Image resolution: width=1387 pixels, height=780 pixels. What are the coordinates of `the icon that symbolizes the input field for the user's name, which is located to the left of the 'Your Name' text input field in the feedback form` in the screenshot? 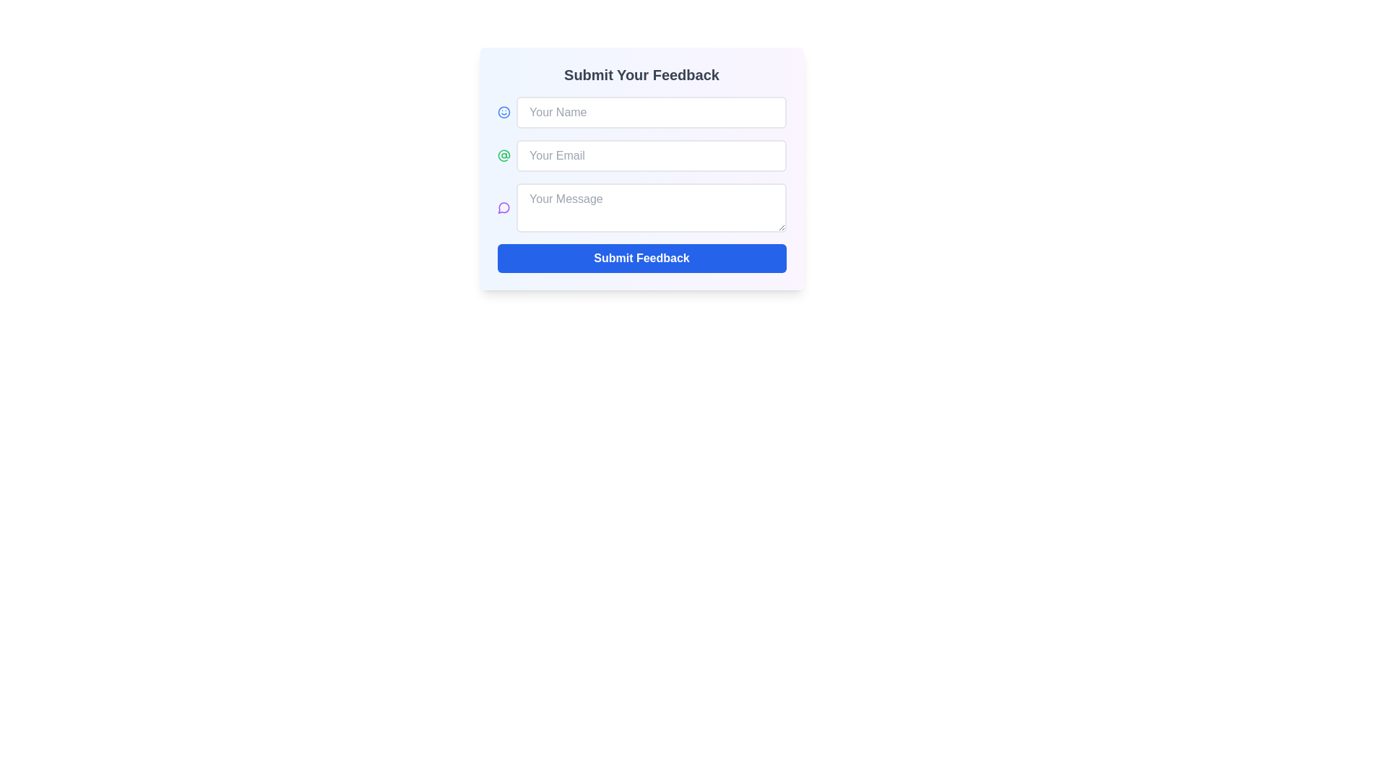 It's located at (504, 111).